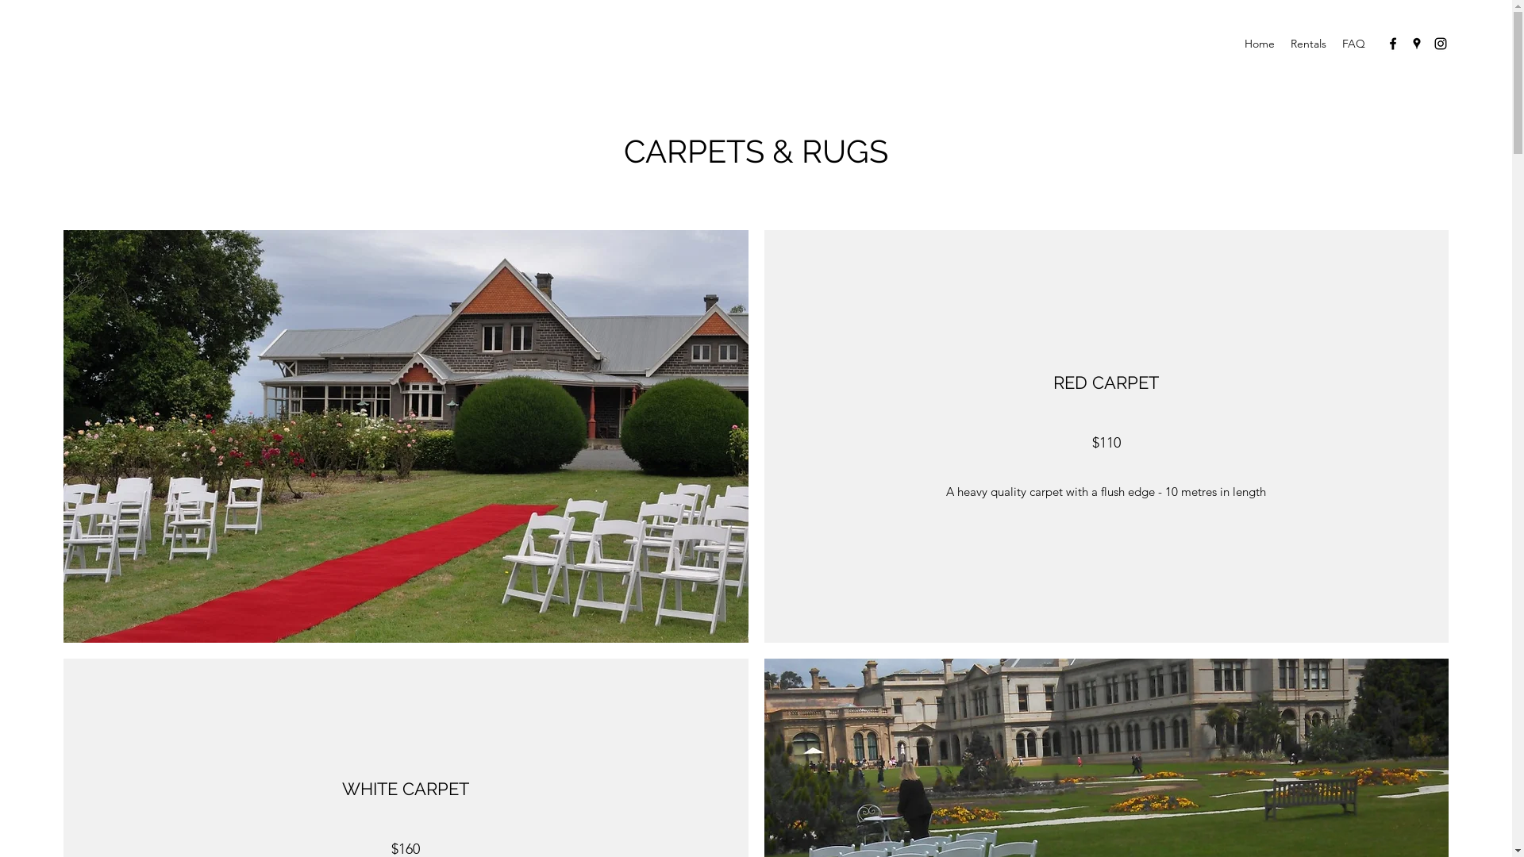  What do you see at coordinates (1308, 42) in the screenshot?
I see `'Rentals'` at bounding box center [1308, 42].